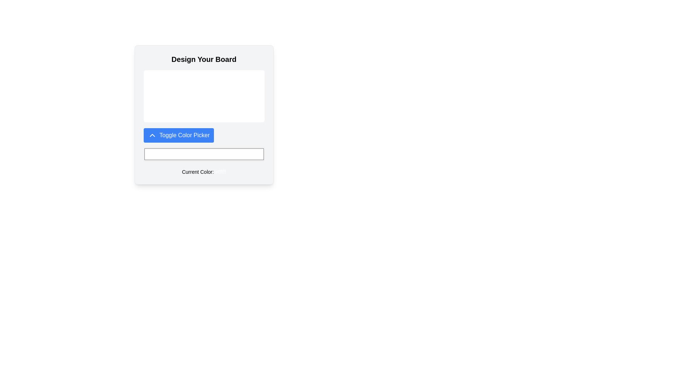 Image resolution: width=695 pixels, height=391 pixels. I want to click on the text label reading 'Toggle Color Picker', which is displayed in white on a blue rectangular background with rounded corners, so click(184, 135).